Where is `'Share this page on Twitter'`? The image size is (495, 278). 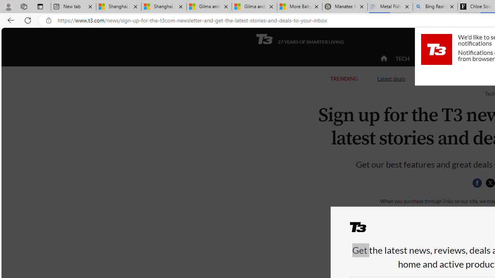 'Share this page on Twitter' is located at coordinates (490, 183).